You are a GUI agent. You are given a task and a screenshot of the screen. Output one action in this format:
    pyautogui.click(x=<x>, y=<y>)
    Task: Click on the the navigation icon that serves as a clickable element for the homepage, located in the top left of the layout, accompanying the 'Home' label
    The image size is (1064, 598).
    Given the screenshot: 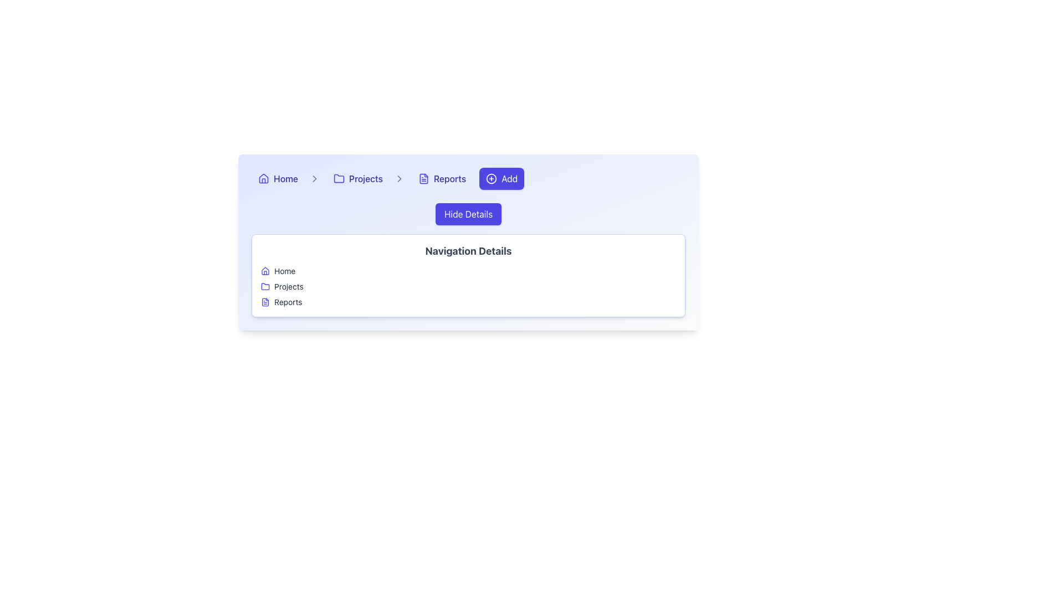 What is the action you would take?
    pyautogui.click(x=265, y=271)
    